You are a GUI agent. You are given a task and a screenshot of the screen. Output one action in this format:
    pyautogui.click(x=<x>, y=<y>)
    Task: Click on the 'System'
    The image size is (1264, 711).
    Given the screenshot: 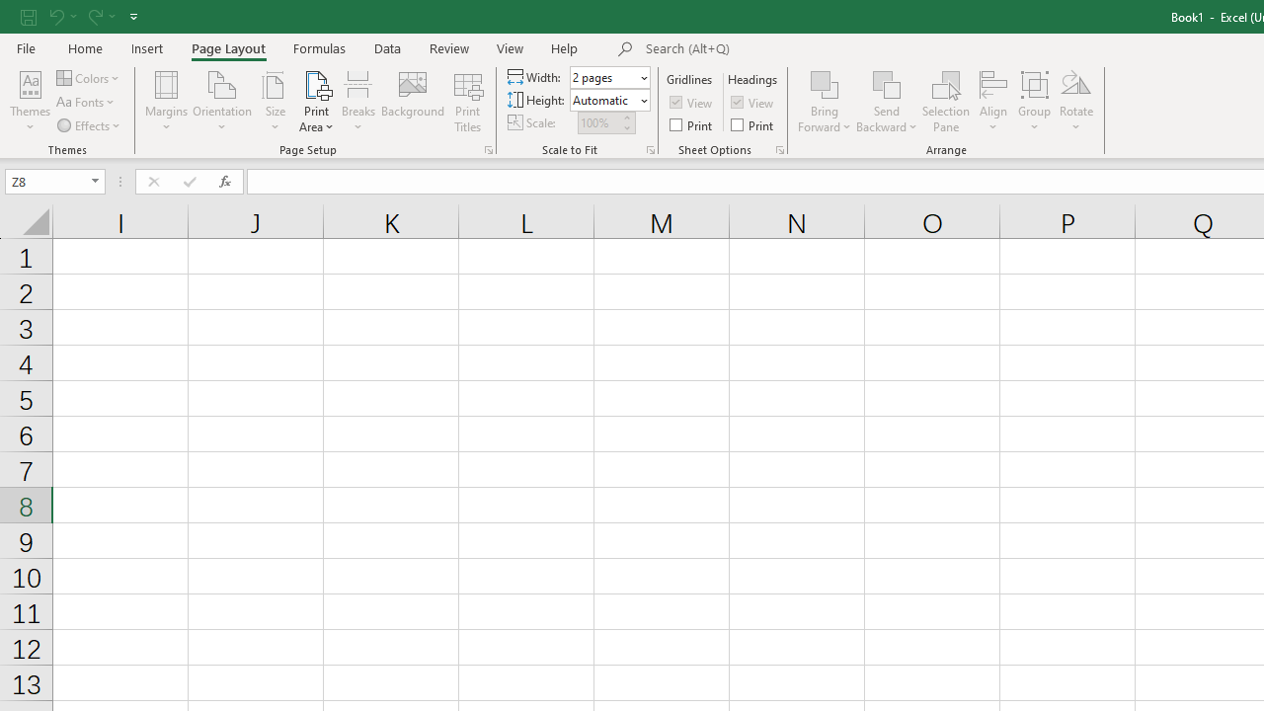 What is the action you would take?
    pyautogui.click(x=10, y=11)
    